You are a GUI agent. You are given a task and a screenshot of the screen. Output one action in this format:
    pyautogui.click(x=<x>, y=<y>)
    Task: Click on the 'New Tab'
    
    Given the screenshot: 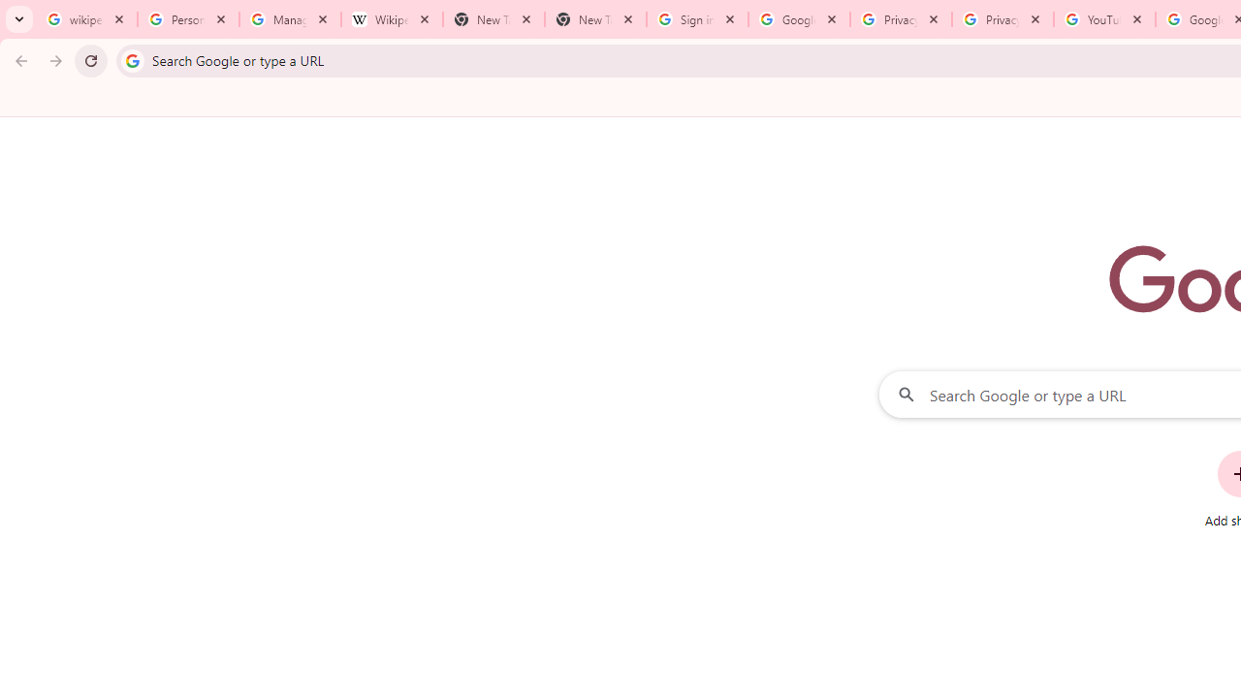 What is the action you would take?
    pyautogui.click(x=594, y=19)
    